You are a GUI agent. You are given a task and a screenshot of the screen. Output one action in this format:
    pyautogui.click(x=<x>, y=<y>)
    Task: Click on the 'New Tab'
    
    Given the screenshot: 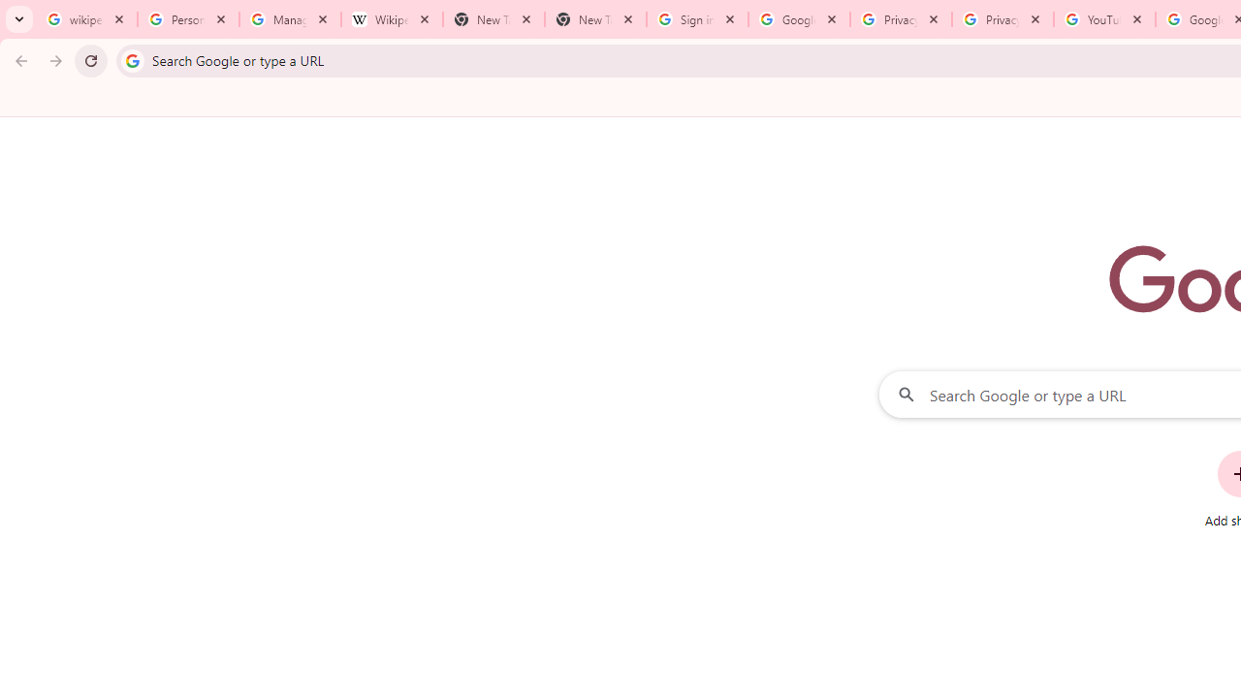 What is the action you would take?
    pyautogui.click(x=594, y=19)
    